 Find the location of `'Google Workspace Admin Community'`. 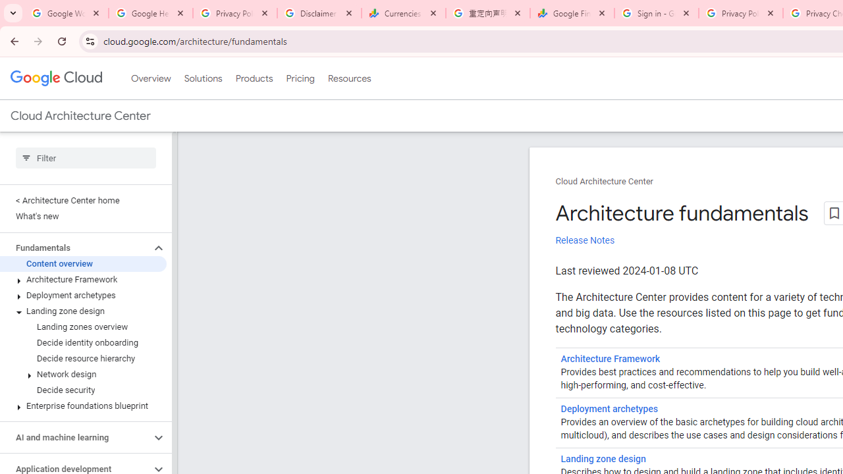

'Google Workspace Admin Community' is located at coordinates (66, 13).